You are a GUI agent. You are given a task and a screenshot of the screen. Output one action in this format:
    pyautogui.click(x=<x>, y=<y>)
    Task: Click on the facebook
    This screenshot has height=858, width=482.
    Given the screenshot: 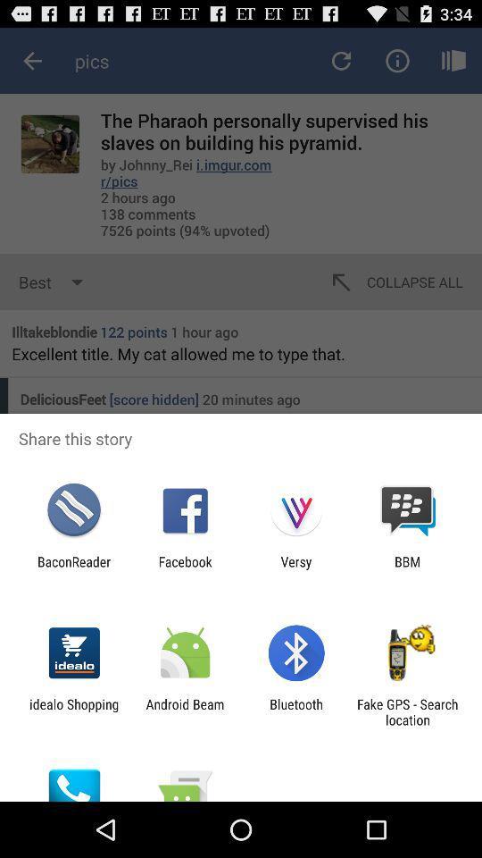 What is the action you would take?
    pyautogui.click(x=184, y=568)
    